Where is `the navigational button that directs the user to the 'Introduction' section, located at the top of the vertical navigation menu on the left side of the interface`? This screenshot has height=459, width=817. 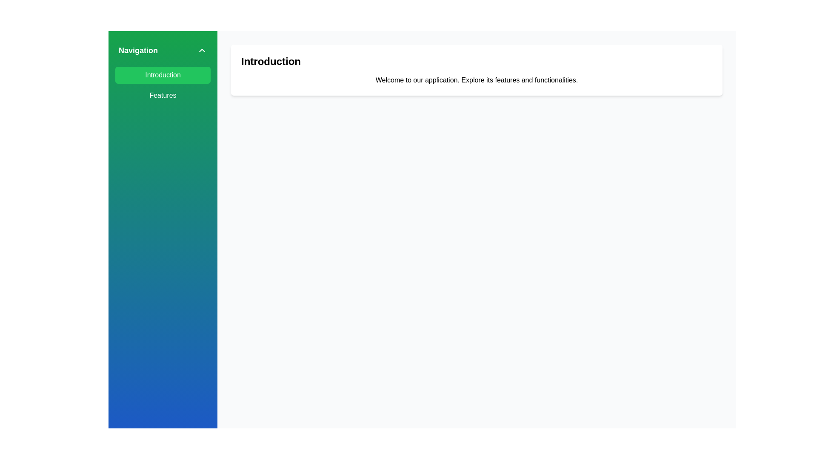 the navigational button that directs the user to the 'Introduction' section, located at the top of the vertical navigation menu on the left side of the interface is located at coordinates (163, 75).